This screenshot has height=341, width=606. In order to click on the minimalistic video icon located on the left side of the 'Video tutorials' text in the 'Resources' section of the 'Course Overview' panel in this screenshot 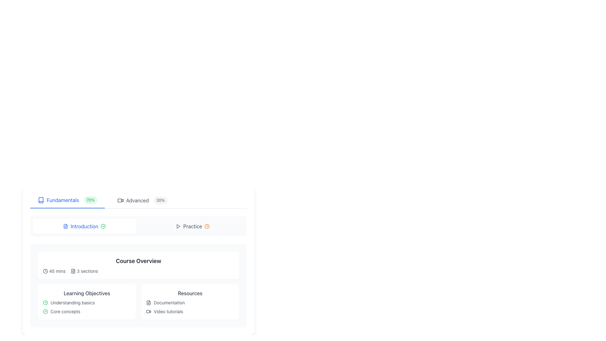, I will do `click(148, 311)`.